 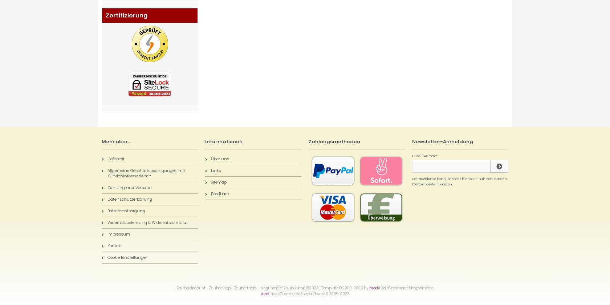 I want to click on 'Links', so click(x=216, y=170).